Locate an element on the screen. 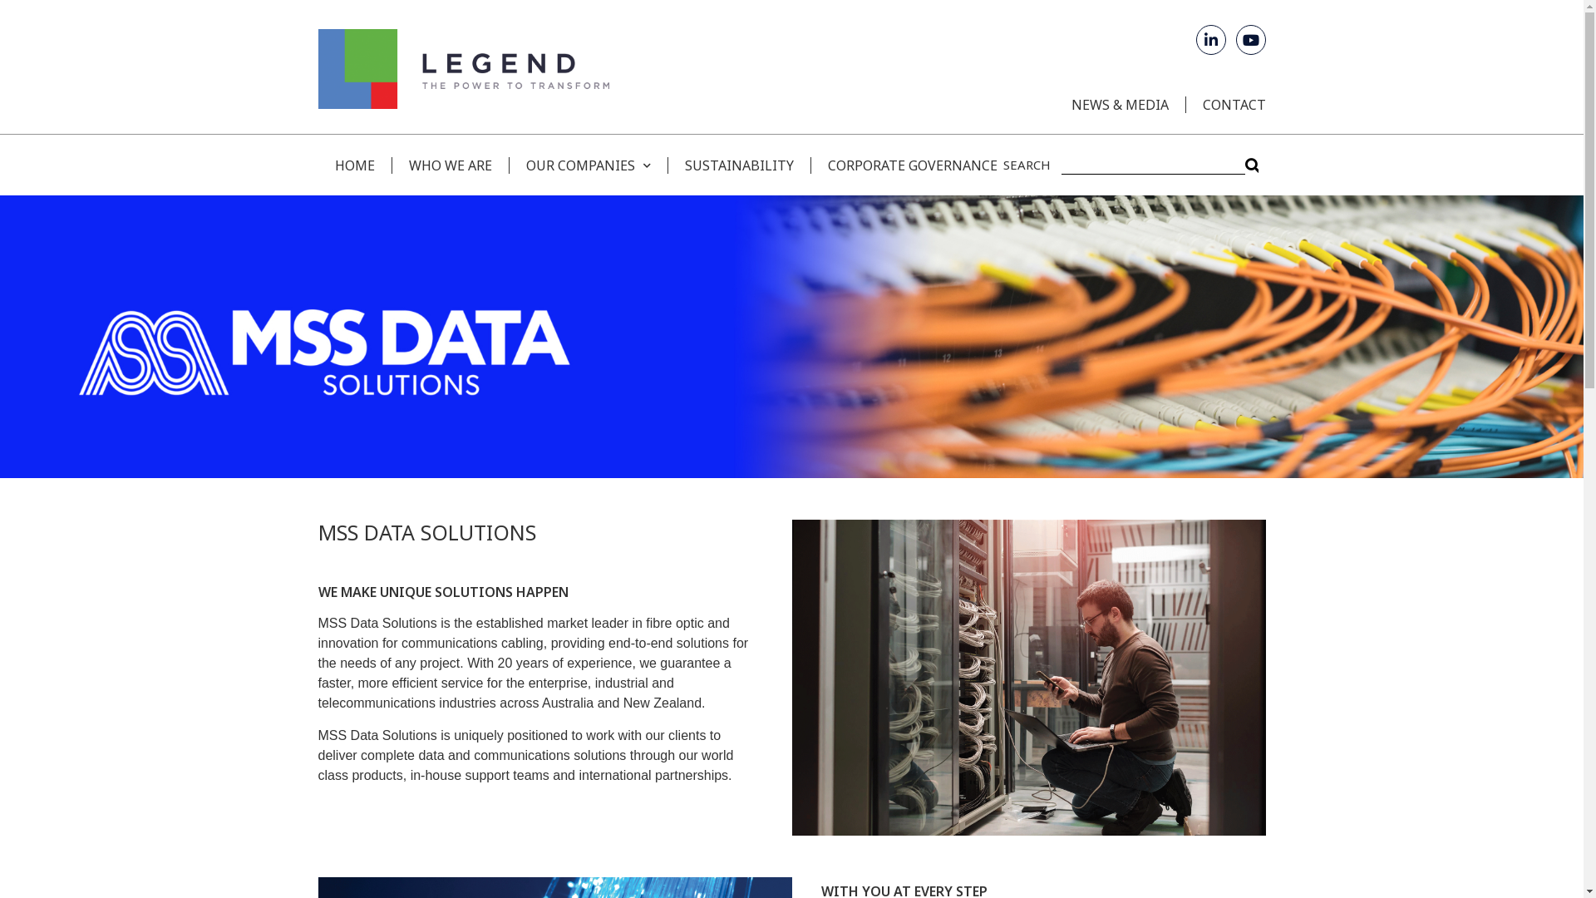  'CONTACT' is located at coordinates (1225, 105).